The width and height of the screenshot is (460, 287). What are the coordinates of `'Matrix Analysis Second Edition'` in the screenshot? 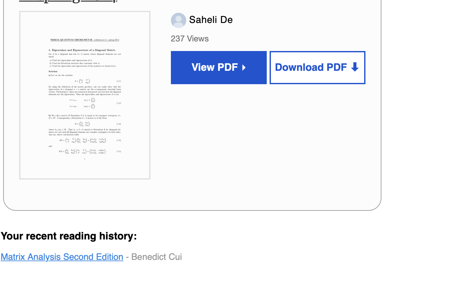 It's located at (62, 256).